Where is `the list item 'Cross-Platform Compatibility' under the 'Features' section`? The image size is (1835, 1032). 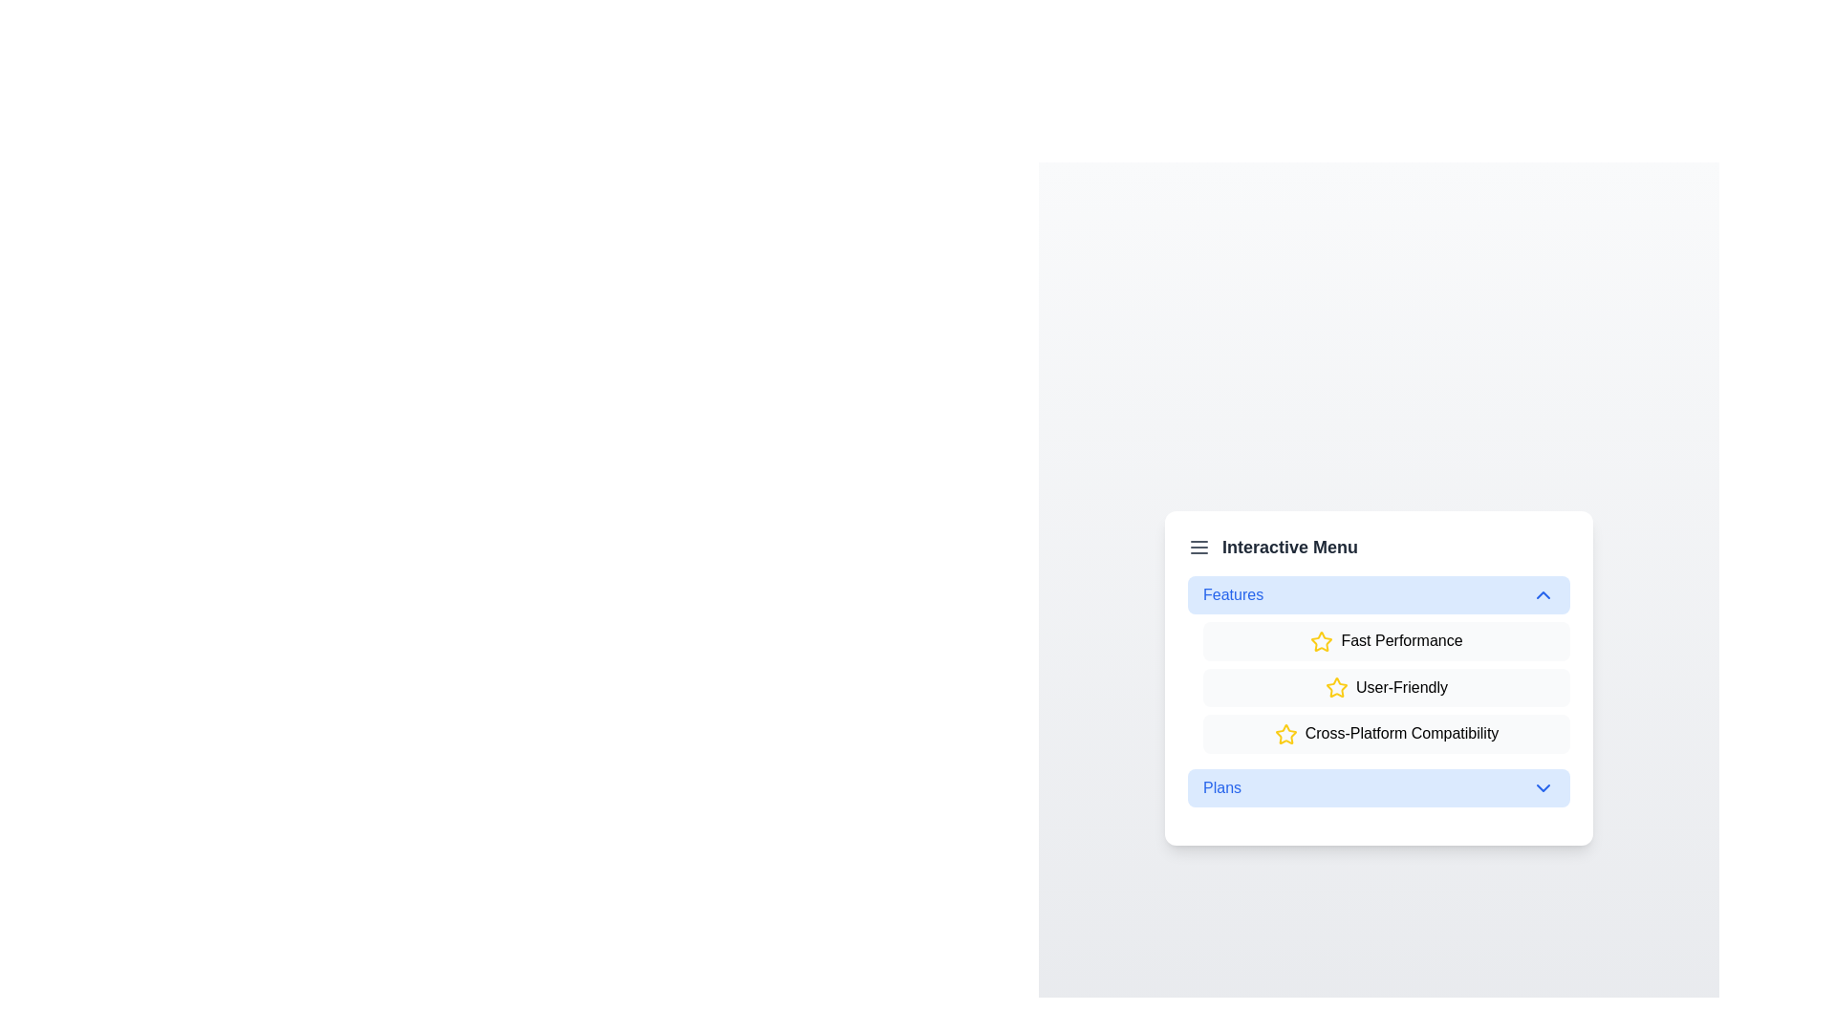
the list item 'Cross-Platform Compatibility' under the 'Features' section is located at coordinates (1386, 733).